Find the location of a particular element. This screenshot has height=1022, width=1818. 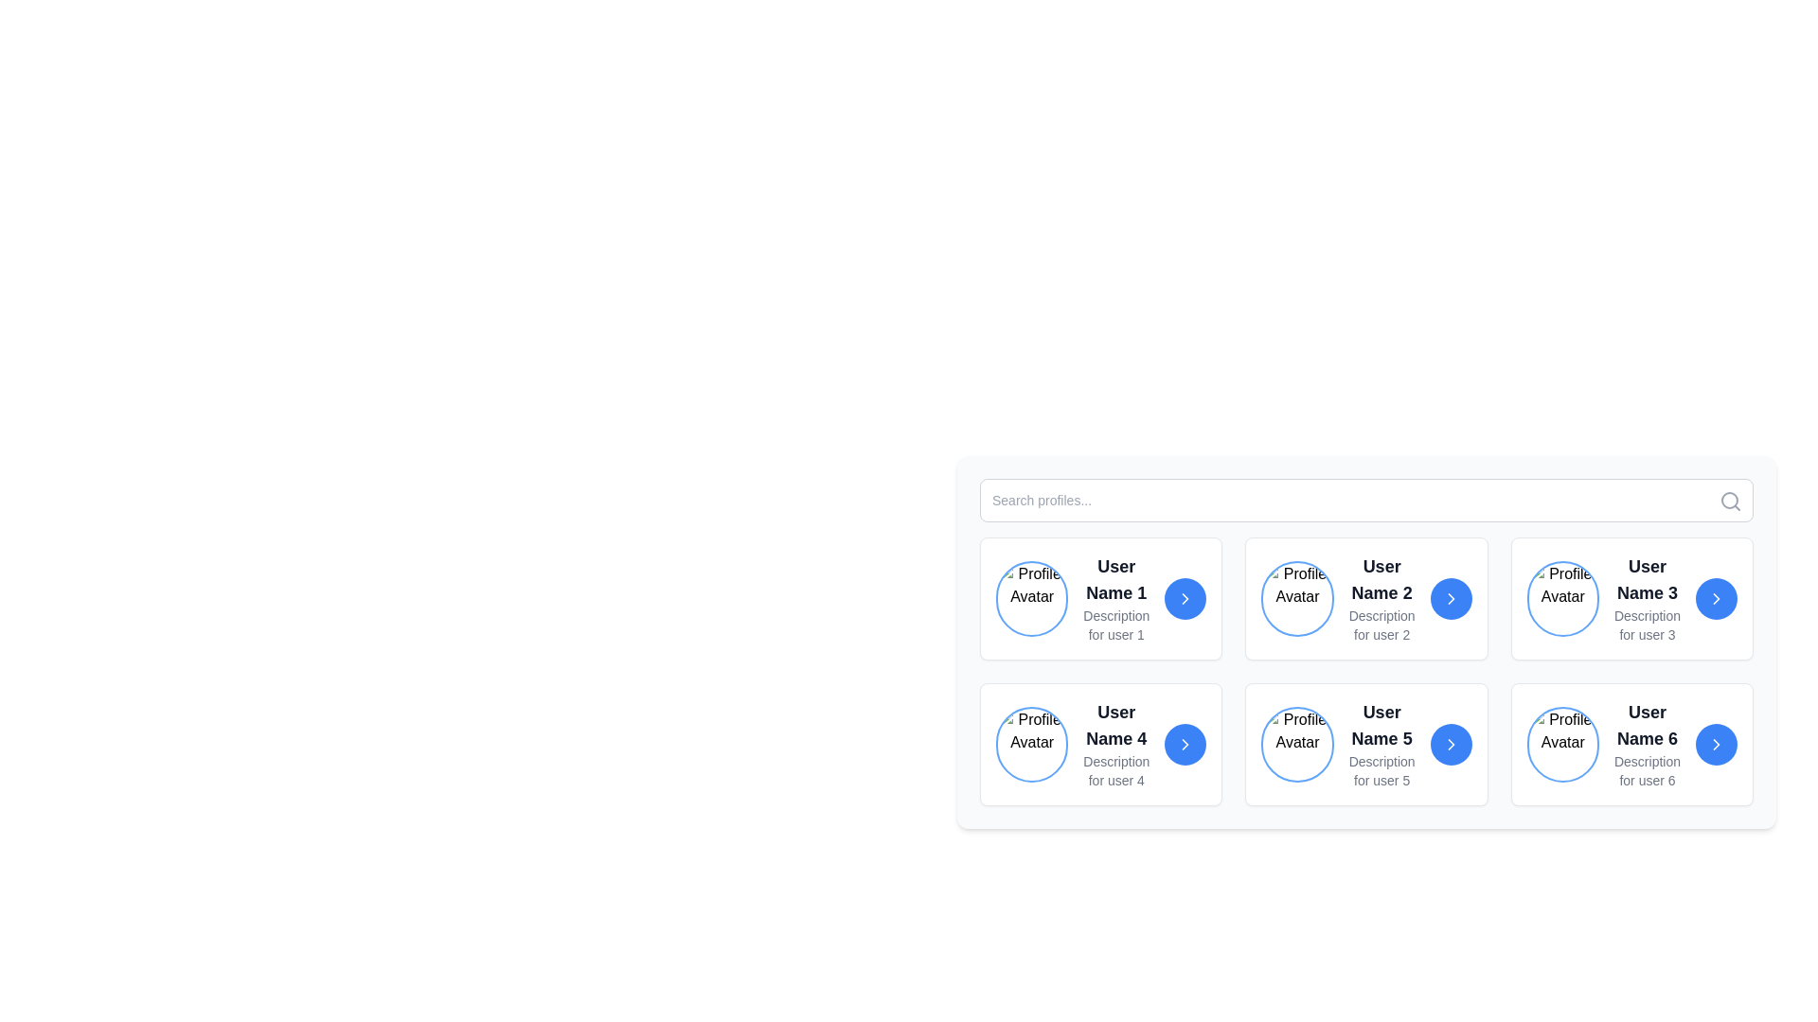

the button located at the bottom-right corner of the card for 'User Name 6' is located at coordinates (1717, 743).